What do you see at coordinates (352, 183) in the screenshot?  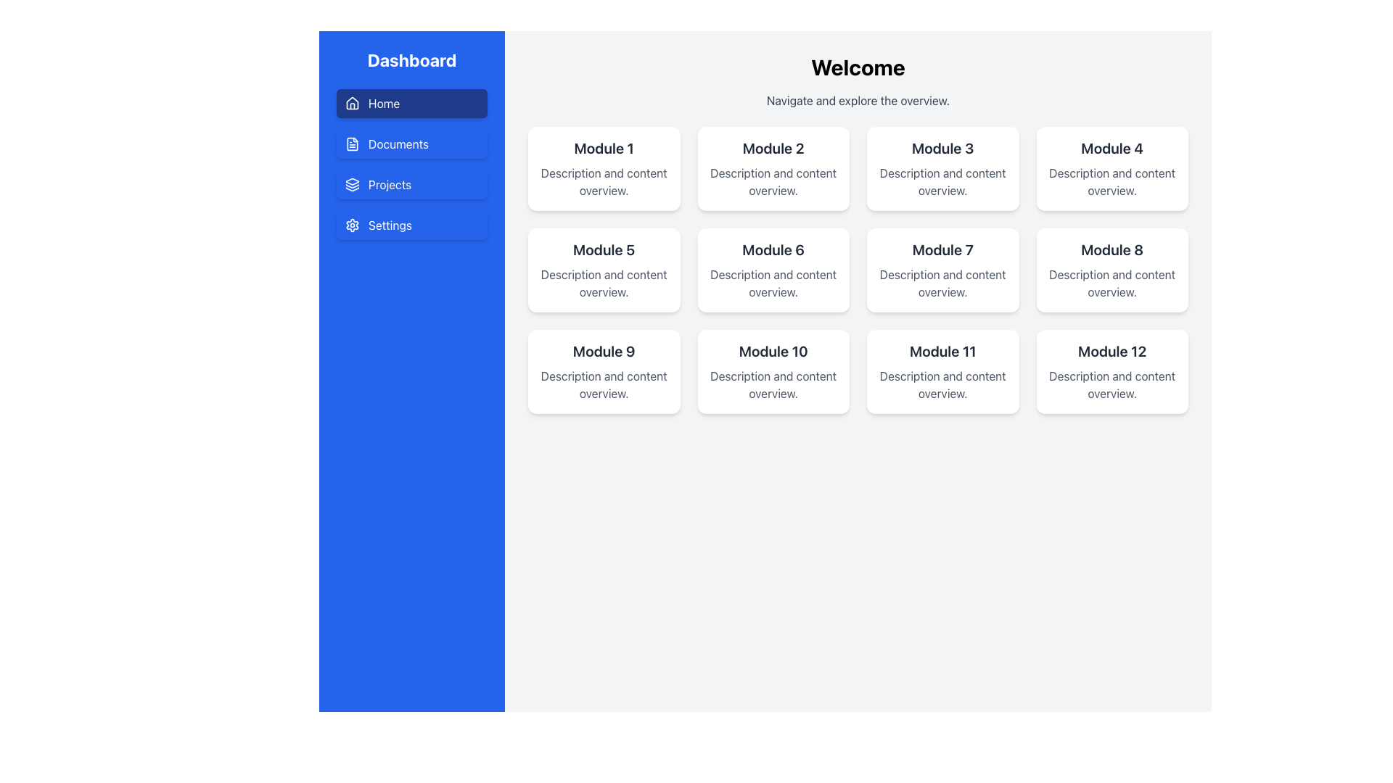 I see `the visually distinct icon consisting of three stacked layers shaped like a parallelogram, located inside the 'Projects' button in the left sidebar navigation menu` at bounding box center [352, 183].